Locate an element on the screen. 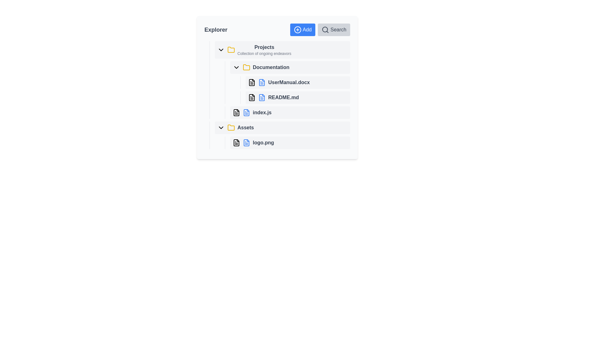  the static text label 'Explorer' which is styled in a bold, large font and located at the top left section of the interface, aligning with 'Add' and 'Search' buttons is located at coordinates (216, 30).